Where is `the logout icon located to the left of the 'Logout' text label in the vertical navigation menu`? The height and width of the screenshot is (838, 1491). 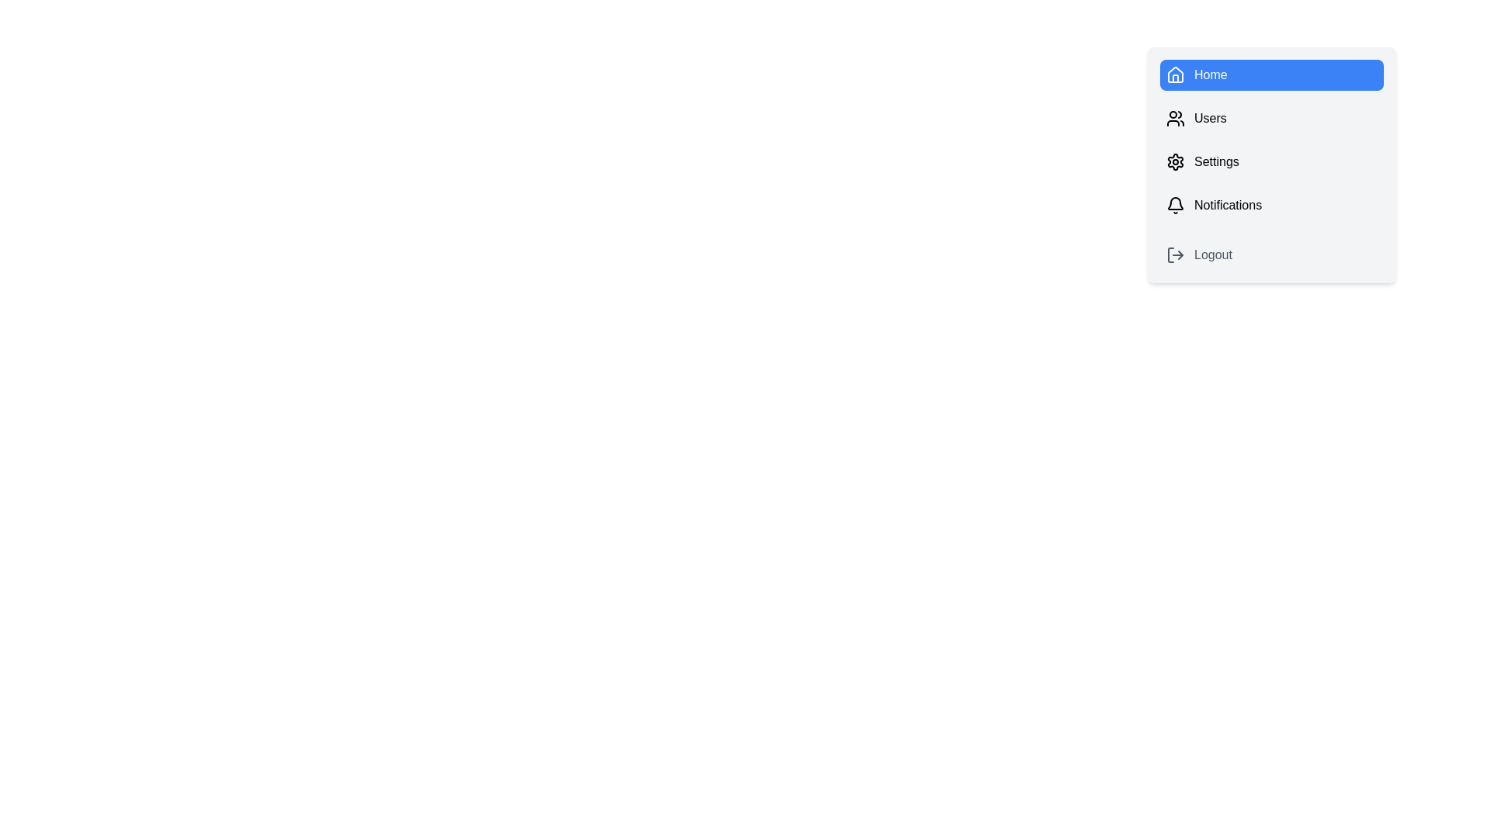
the logout icon located to the left of the 'Logout' text label in the vertical navigation menu is located at coordinates (1175, 254).